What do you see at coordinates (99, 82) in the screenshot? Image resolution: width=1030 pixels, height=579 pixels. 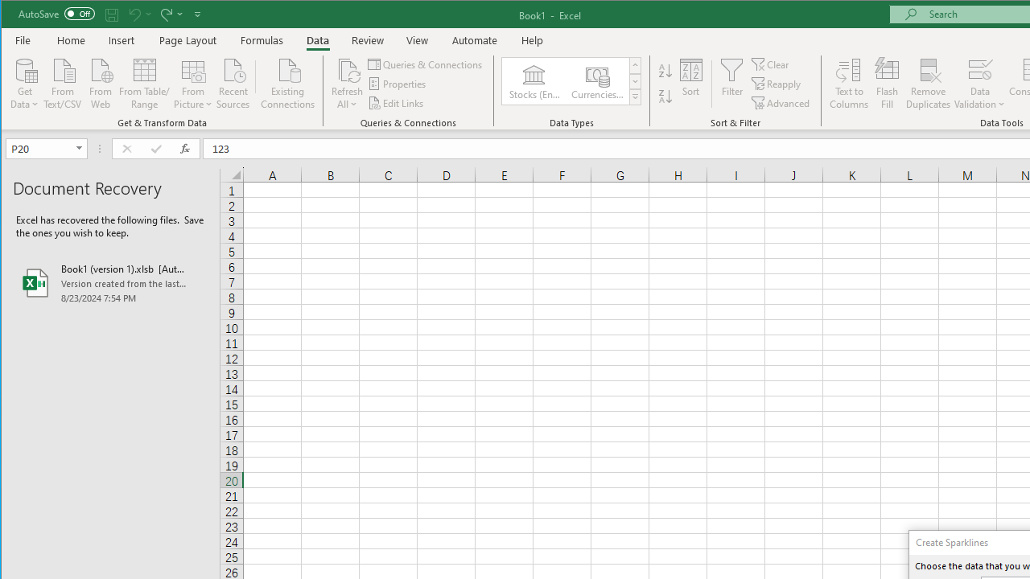 I see `'From Web'` at bounding box center [99, 82].